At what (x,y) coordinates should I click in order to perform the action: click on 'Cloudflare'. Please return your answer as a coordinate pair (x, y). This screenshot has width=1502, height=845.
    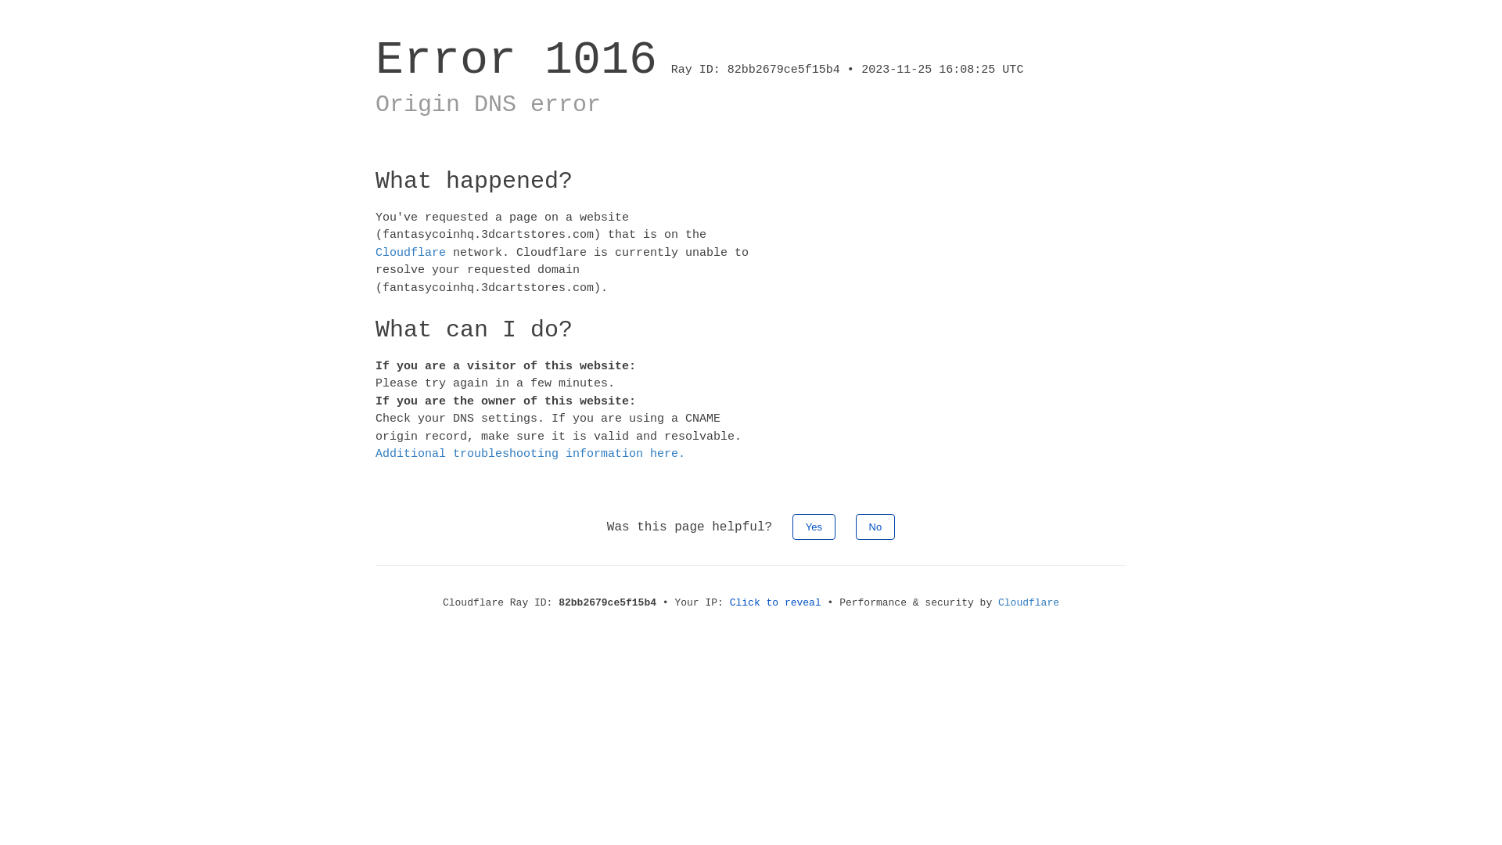
    Looking at the image, I should click on (410, 251).